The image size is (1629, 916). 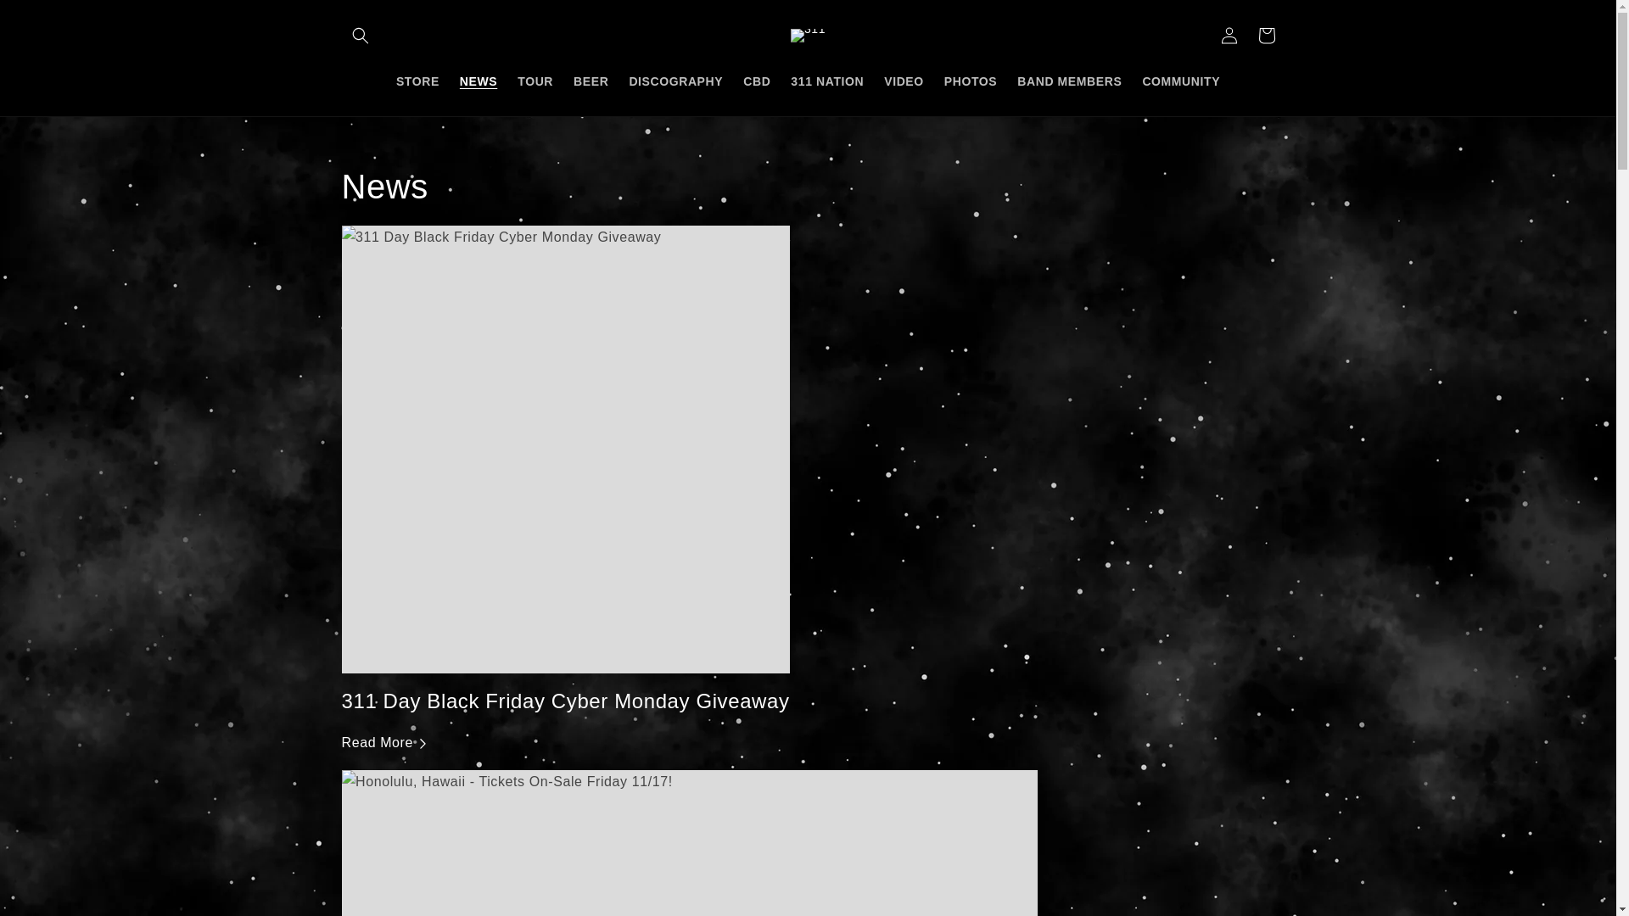 I want to click on 'PHOTOS', so click(x=970, y=81).